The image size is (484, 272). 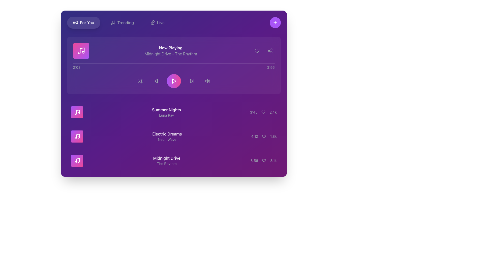 What do you see at coordinates (207, 81) in the screenshot?
I see `the volume control button located in the bottom-right region of the 'Now Playing' section` at bounding box center [207, 81].